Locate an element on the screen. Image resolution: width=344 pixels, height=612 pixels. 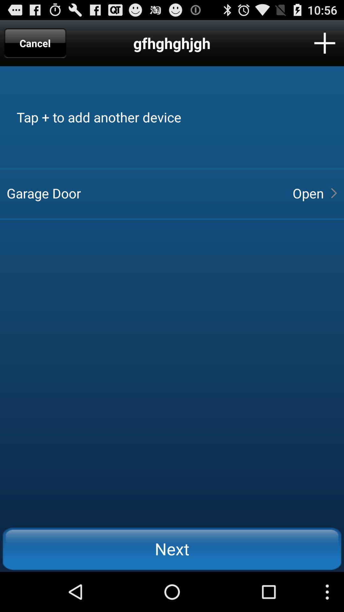
the item above tap to add is located at coordinates (325, 43).